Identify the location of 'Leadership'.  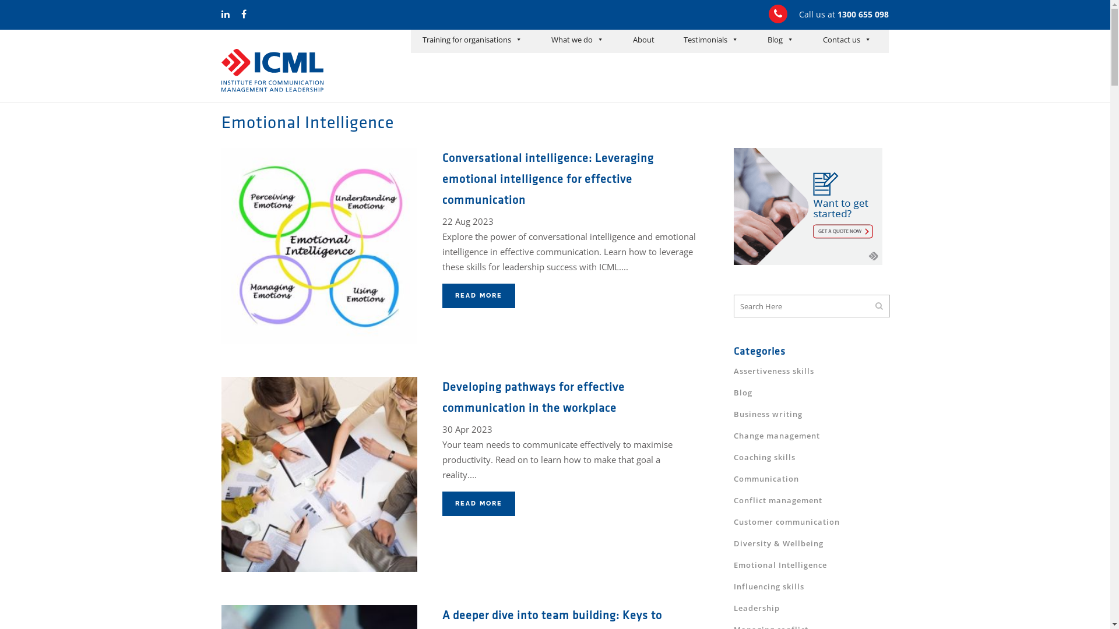
(756, 607).